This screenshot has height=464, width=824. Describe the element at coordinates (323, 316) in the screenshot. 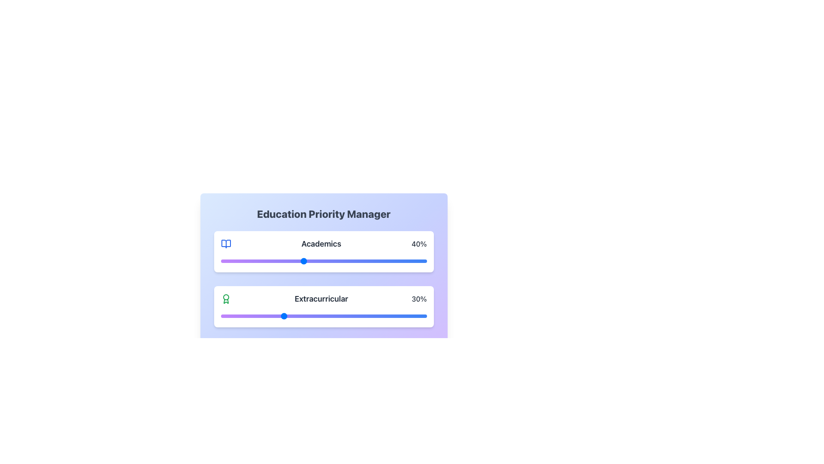

I see `the horizontal slider located in the 'Extracurricular' section below the label 'Extracurricular' and its percentage '30%'` at that location.